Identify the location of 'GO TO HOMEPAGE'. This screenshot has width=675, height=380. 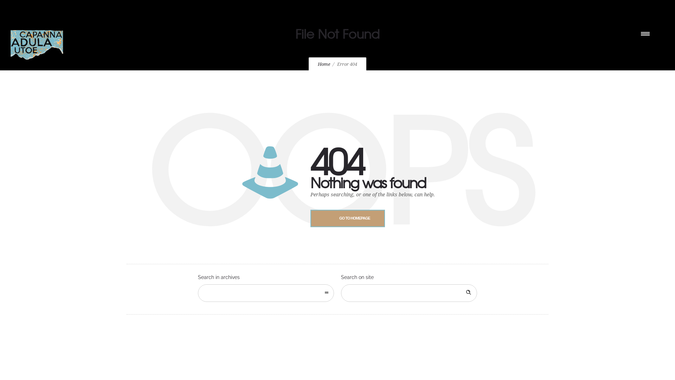
(347, 218).